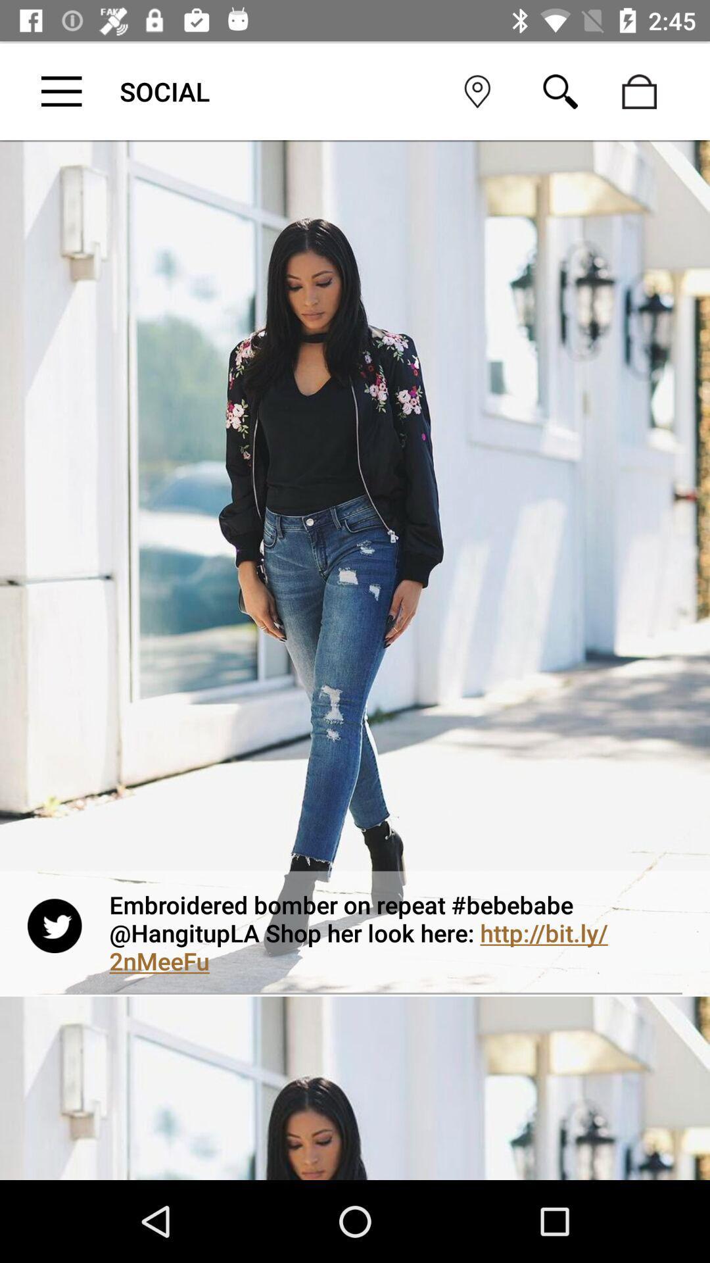 This screenshot has width=710, height=1263. Describe the element at coordinates (61, 91) in the screenshot. I see `open settings` at that location.